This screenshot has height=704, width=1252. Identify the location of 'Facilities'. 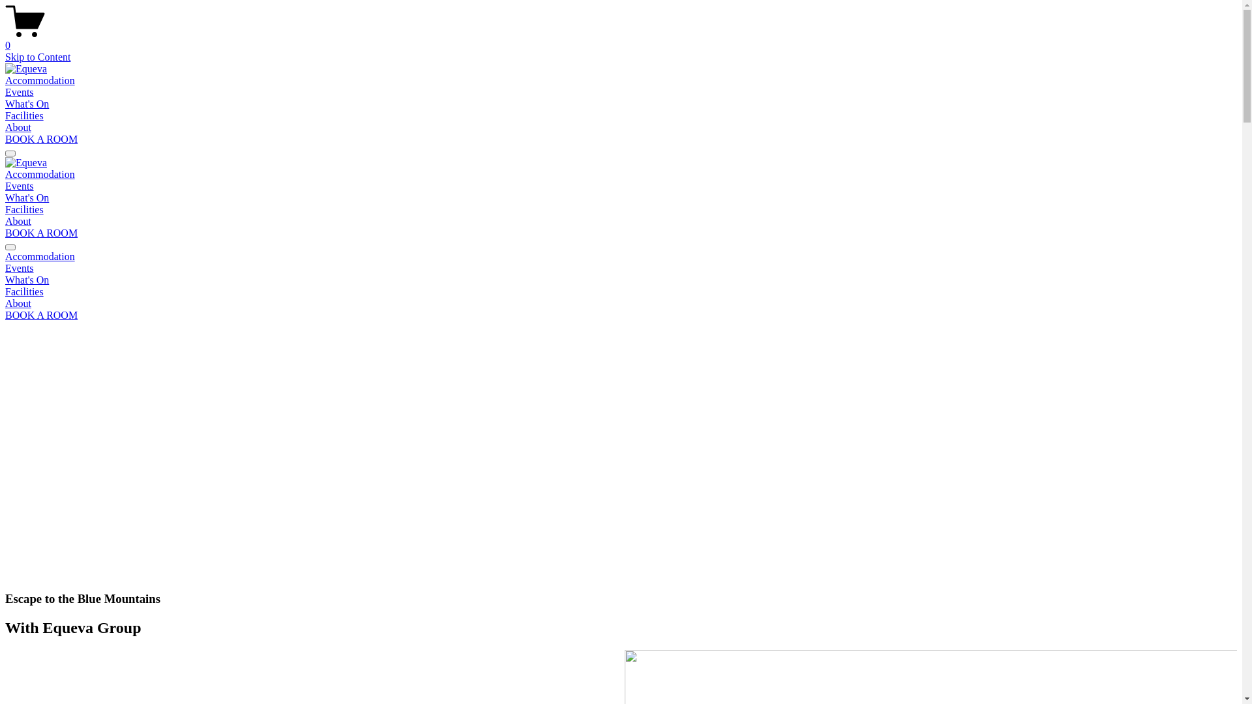
(5, 291).